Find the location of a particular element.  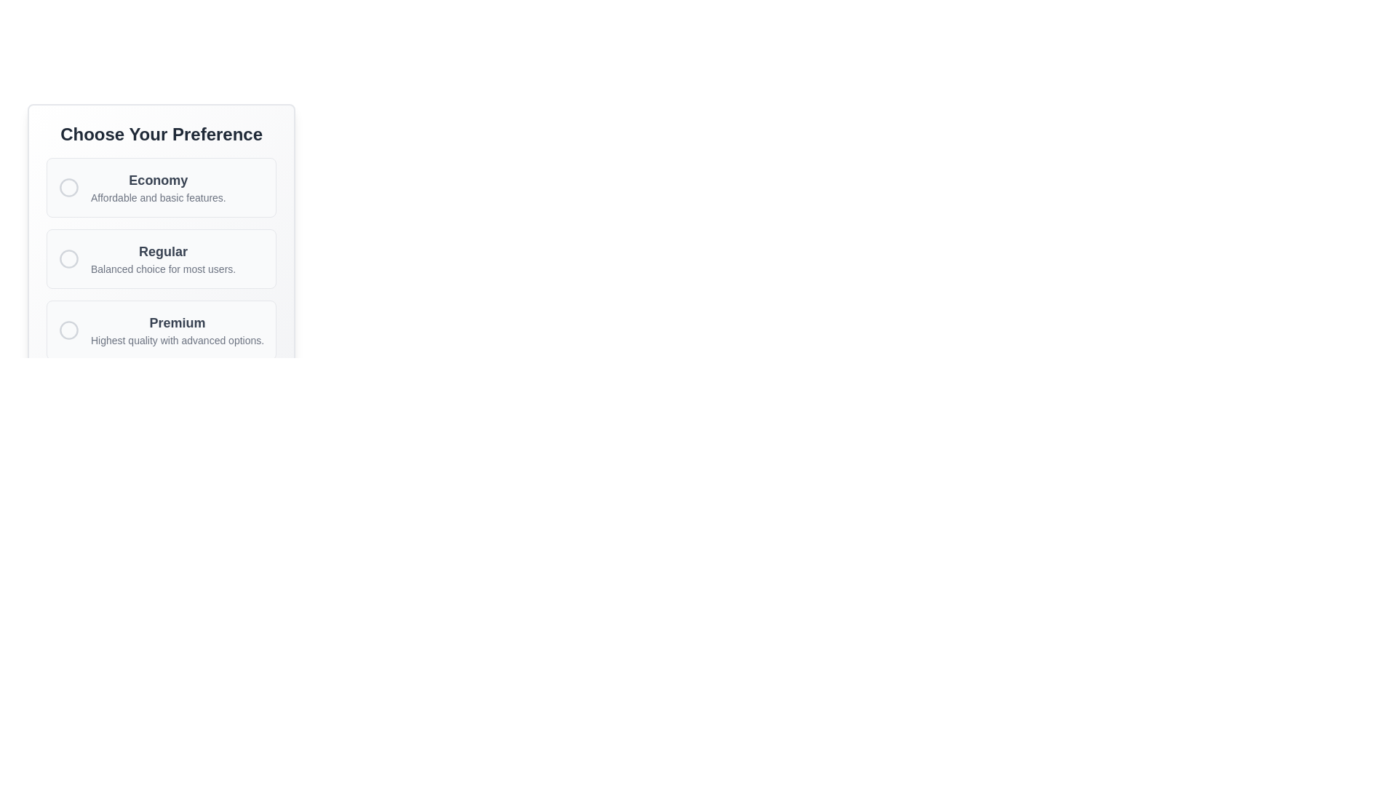

the informational Text Label that describes the features associated with the 'Economy' choice, located below the main title of 'Economy' is located at coordinates (158, 198).